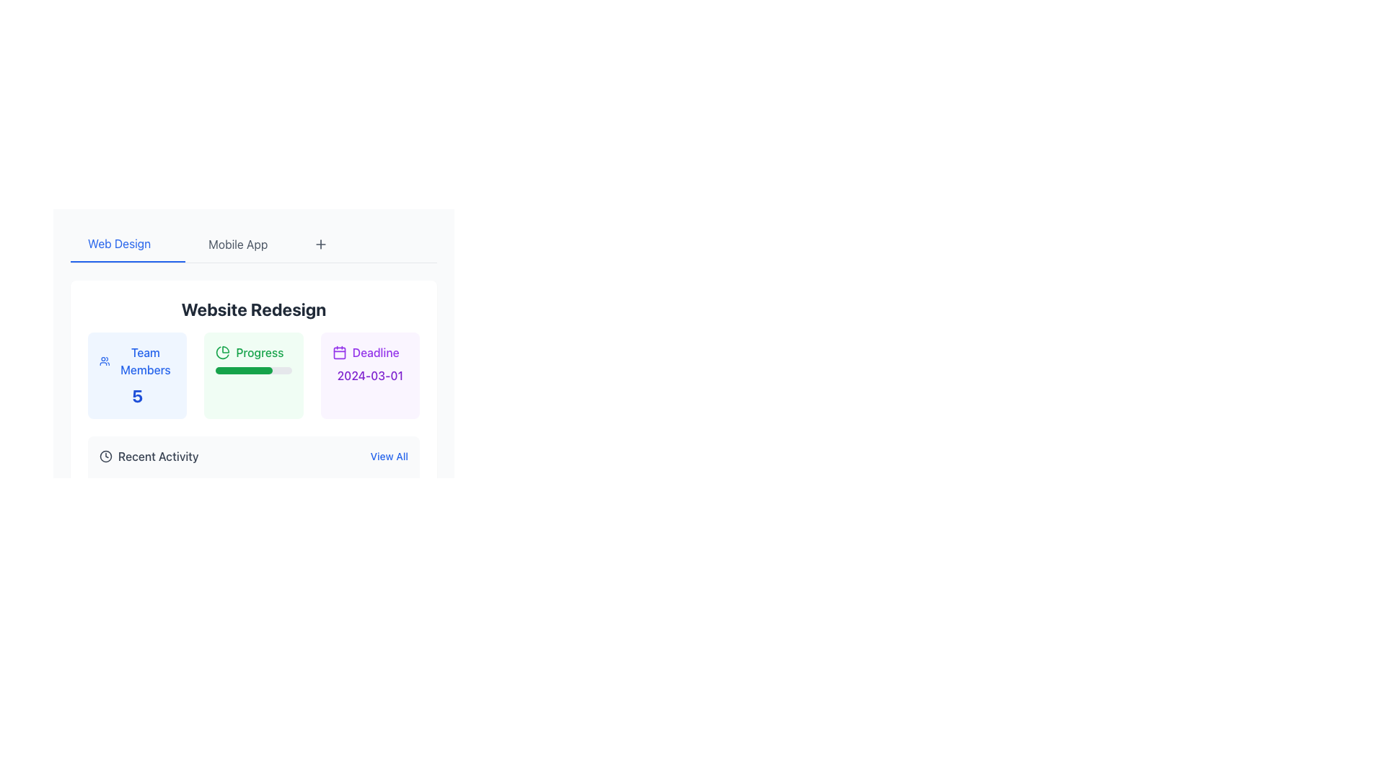 The height and width of the screenshot is (779, 1385). I want to click on the 'time' or 'recent updates' icon located to the left of the 'Recent Activity' label if it is interactive, so click(105, 456).